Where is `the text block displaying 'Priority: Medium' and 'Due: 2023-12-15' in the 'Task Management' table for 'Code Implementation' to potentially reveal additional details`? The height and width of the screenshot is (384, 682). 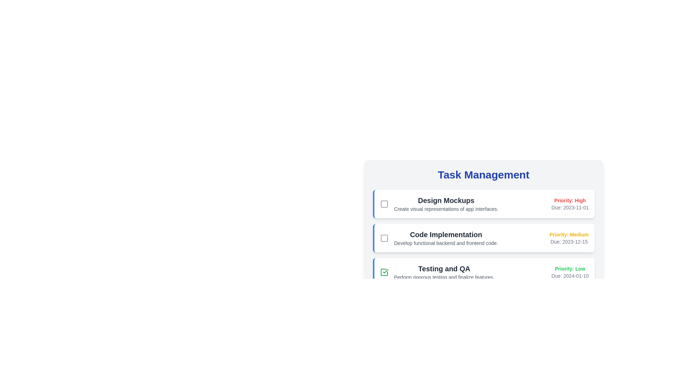 the text block displaying 'Priority: Medium' and 'Due: 2023-12-15' in the 'Task Management' table for 'Code Implementation' to potentially reveal additional details is located at coordinates (569, 238).